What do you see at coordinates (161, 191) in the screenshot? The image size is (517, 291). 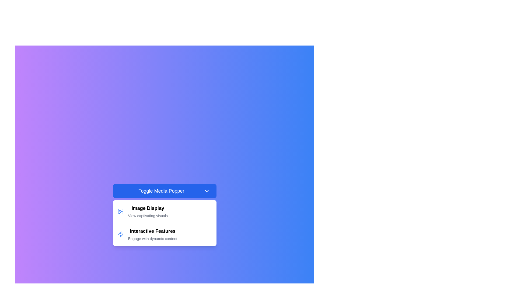 I see `the central text label within the blue button to provide visual feedback for toggling a media-related pop-up or panel` at bounding box center [161, 191].